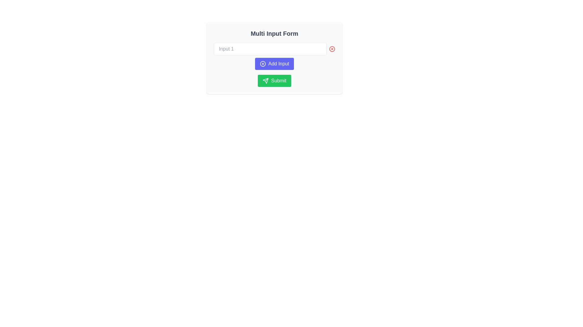  Describe the element at coordinates (263, 64) in the screenshot. I see `the circular element of the 'Add Input' button, which is part of the 'plus-circle' SVG icon, located at the top-center of the interface` at that location.